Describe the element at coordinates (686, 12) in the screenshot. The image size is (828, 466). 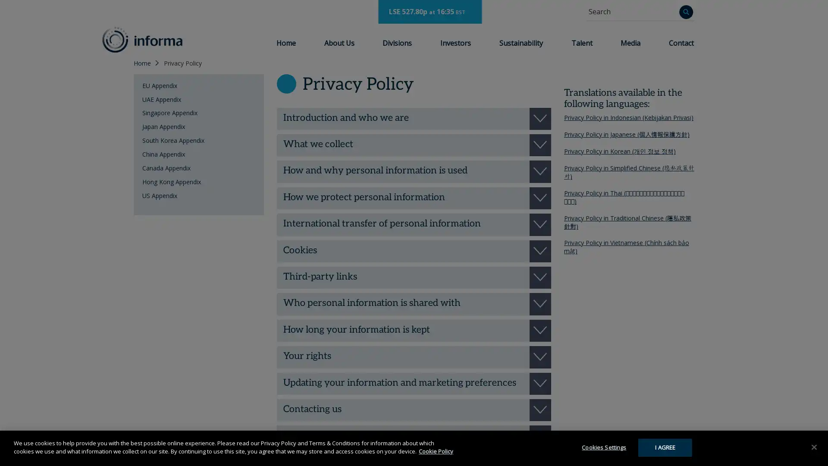
I see `Search` at that location.